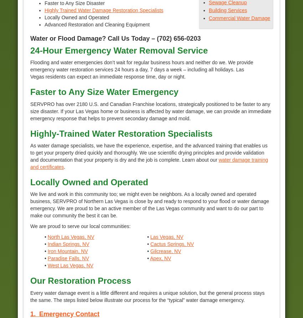  Describe the element at coordinates (104, 92) in the screenshot. I see `'Faster to Any Size Water Emergency'` at that location.